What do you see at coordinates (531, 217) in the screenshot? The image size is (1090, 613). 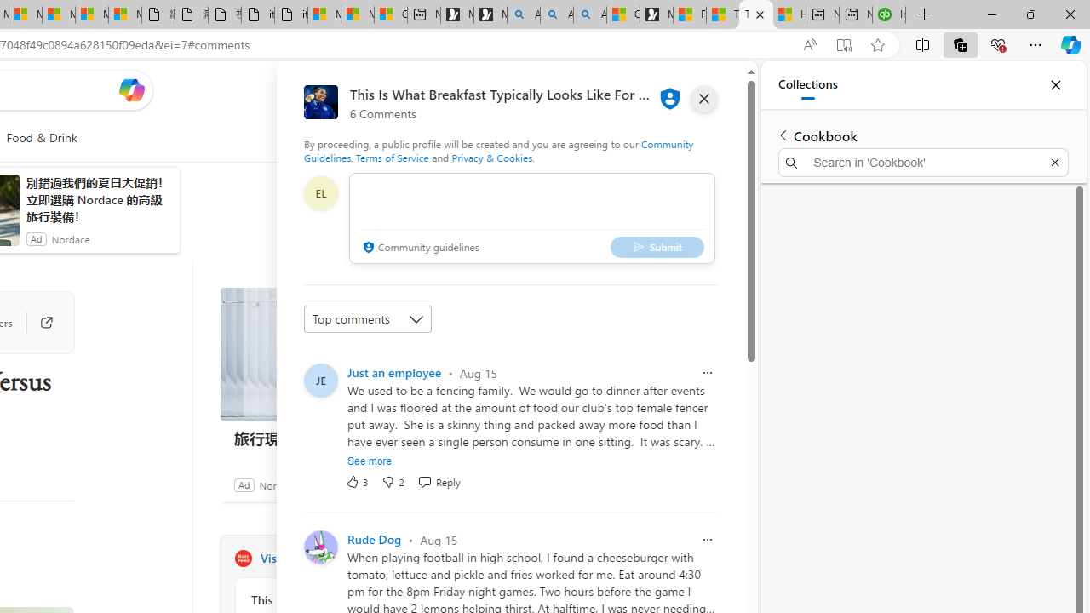 I see `'comment-box'` at bounding box center [531, 217].